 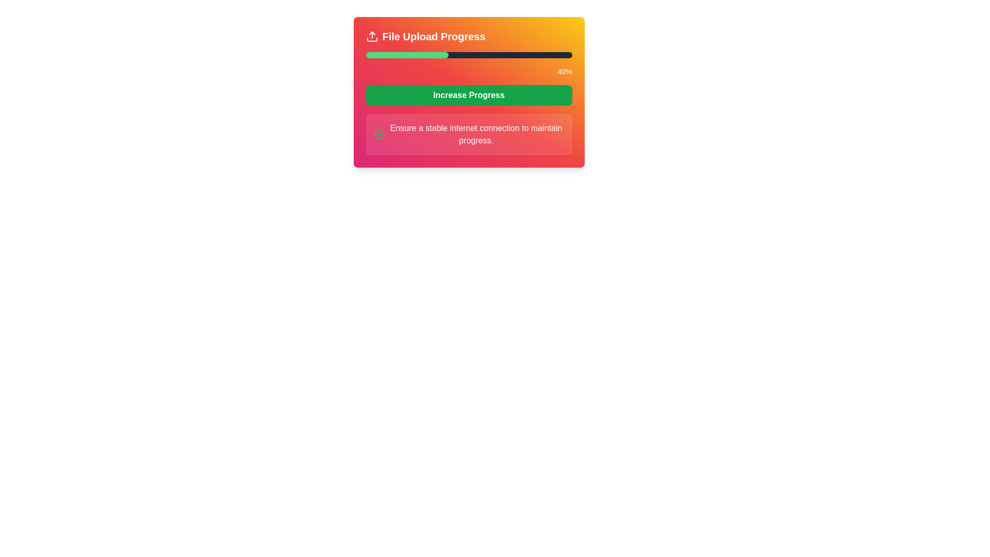 I want to click on the file upload progress icon located at the far-left side of the header group labeled 'File Upload Progress', so click(x=371, y=36).